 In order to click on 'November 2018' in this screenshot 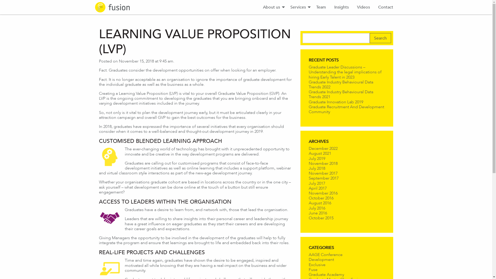, I will do `click(322, 163)`.